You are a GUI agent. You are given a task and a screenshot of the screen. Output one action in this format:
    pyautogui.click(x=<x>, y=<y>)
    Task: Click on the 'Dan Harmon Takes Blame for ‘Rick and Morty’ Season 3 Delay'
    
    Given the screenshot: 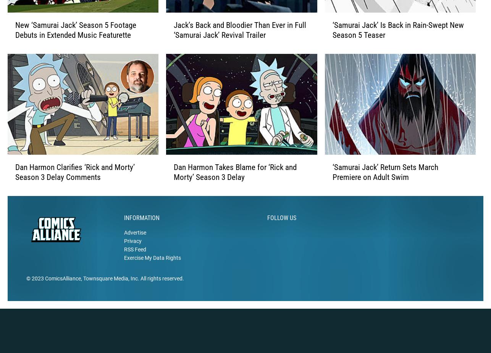 What is the action you would take?
    pyautogui.click(x=234, y=184)
    